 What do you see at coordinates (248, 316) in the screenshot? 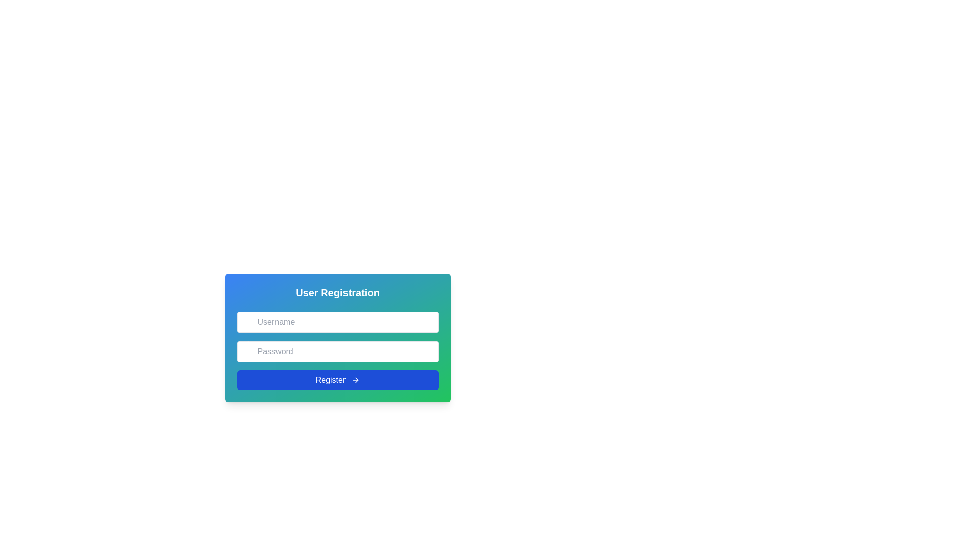
I see `the user icon located on the left side of the 'Username' text input field, which serves as a visual indicator for its purpose` at bounding box center [248, 316].